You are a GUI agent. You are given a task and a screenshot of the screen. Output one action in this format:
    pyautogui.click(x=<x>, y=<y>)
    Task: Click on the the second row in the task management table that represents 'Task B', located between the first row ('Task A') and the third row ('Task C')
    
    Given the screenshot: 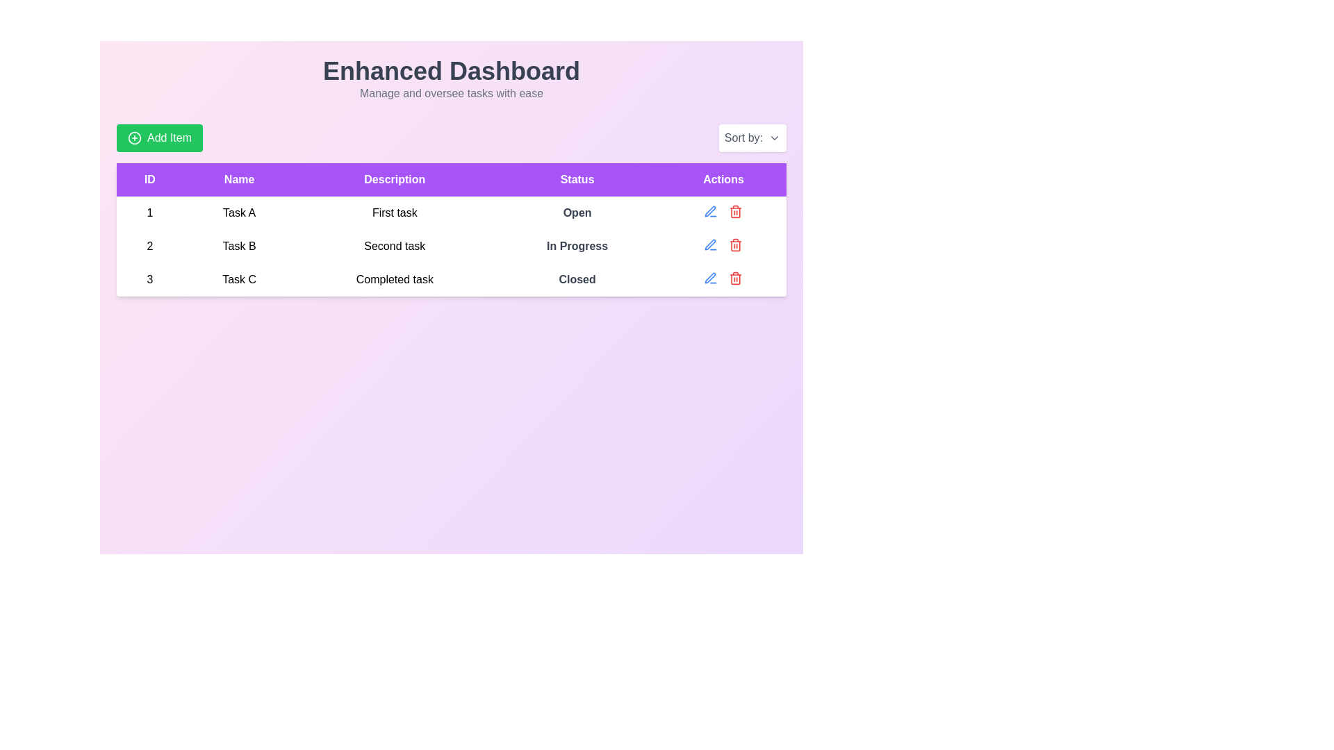 What is the action you would take?
    pyautogui.click(x=451, y=245)
    